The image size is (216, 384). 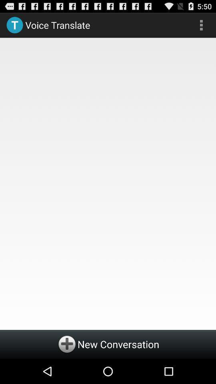 I want to click on begin a new conversation, so click(x=108, y=344).